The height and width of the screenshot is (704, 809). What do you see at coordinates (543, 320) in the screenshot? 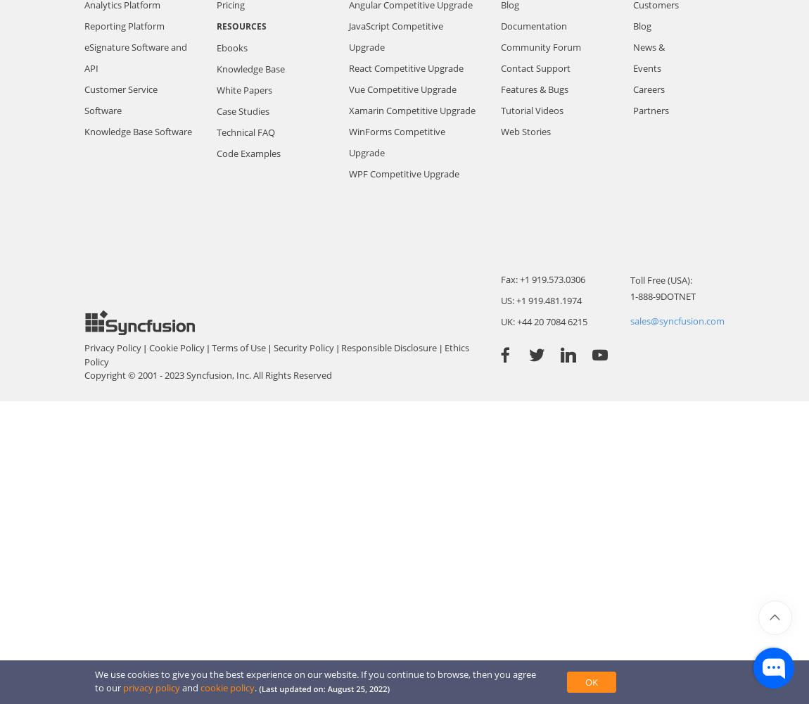
I see `'UK: +44 20 7084 6215'` at bounding box center [543, 320].